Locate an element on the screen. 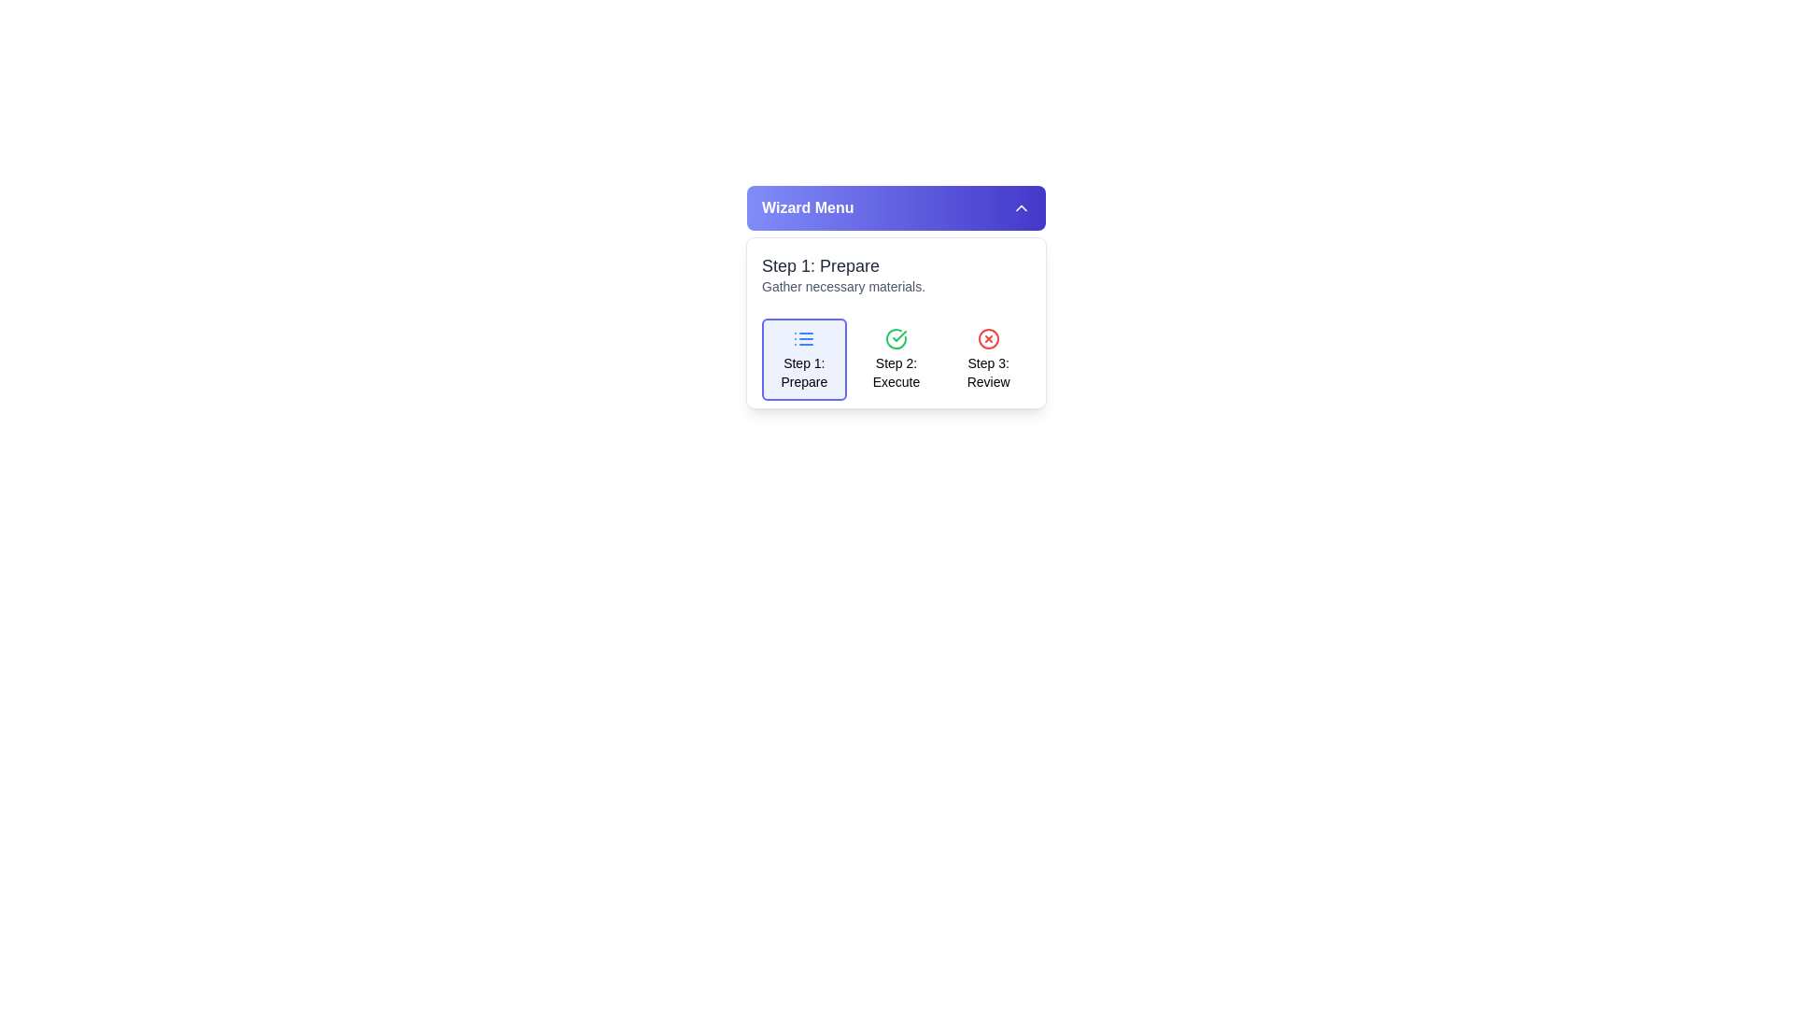 Image resolution: width=1793 pixels, height=1009 pixels. the chevron-up icon (Collapse Icon) located on the right-hand side of the 'Wizard Menu' bar is located at coordinates (1021, 208).